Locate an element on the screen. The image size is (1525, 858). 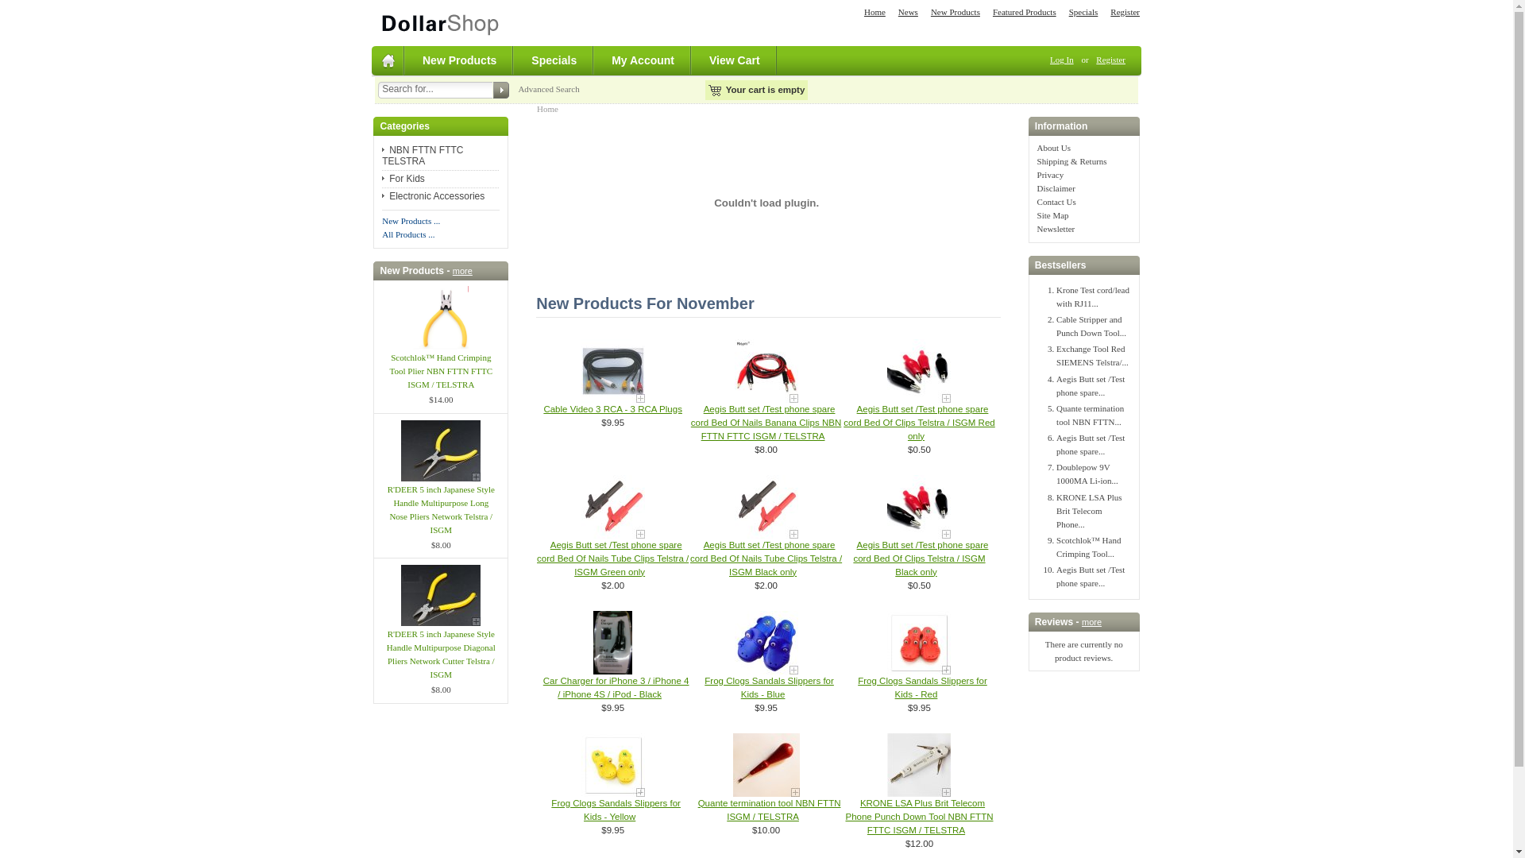
'Cable Stripper and Punch Down Tool...' is located at coordinates (1090, 325).